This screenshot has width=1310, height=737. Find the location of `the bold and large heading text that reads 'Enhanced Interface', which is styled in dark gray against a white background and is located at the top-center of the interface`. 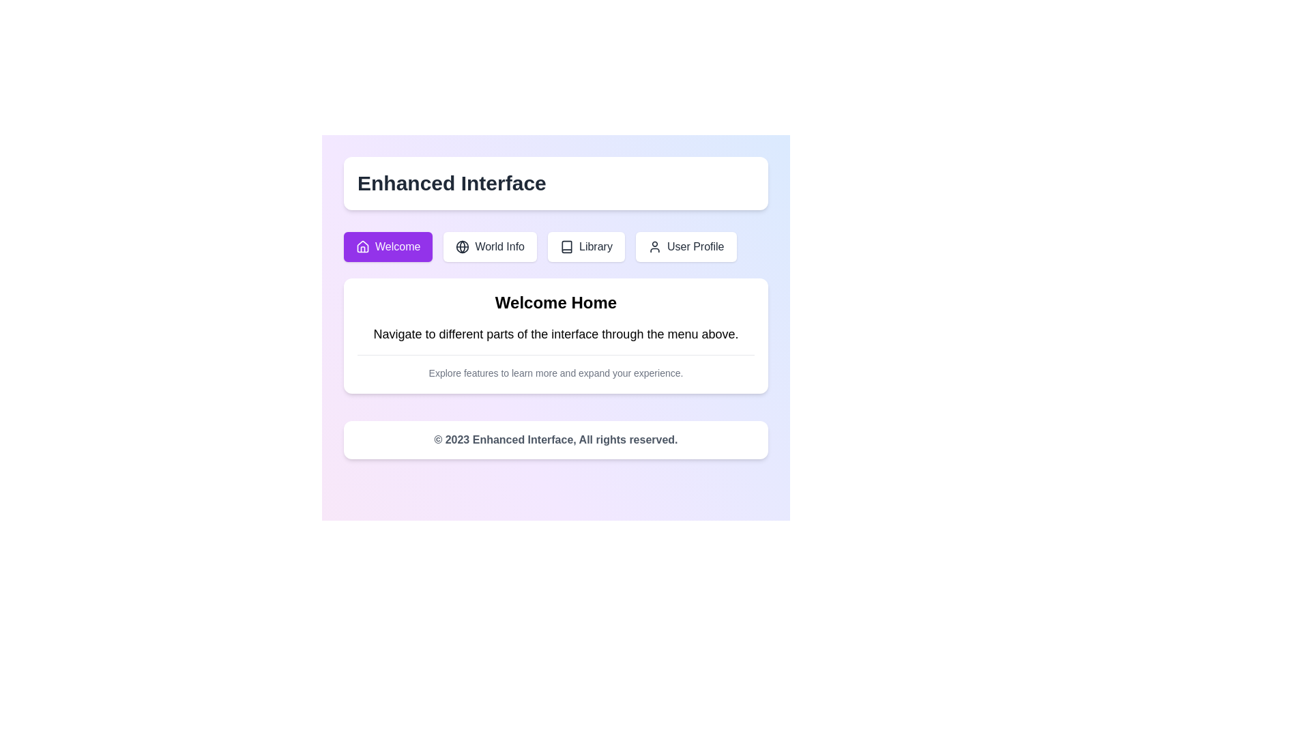

the bold and large heading text that reads 'Enhanced Interface', which is styled in dark gray against a white background and is located at the top-center of the interface is located at coordinates (452, 182).